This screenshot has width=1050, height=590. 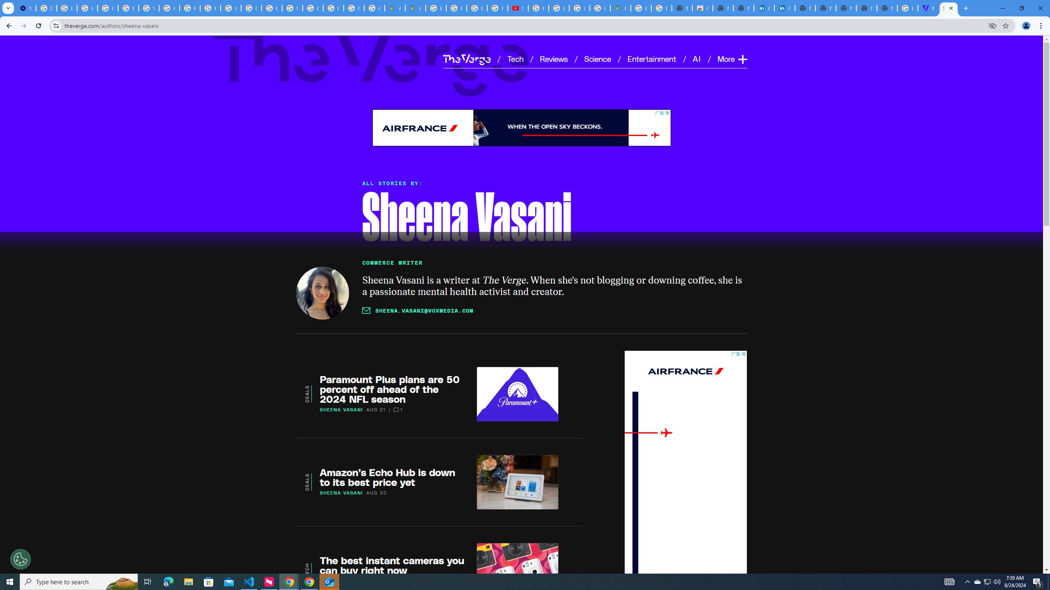 I want to click on 'More Expand', so click(x=732, y=59).